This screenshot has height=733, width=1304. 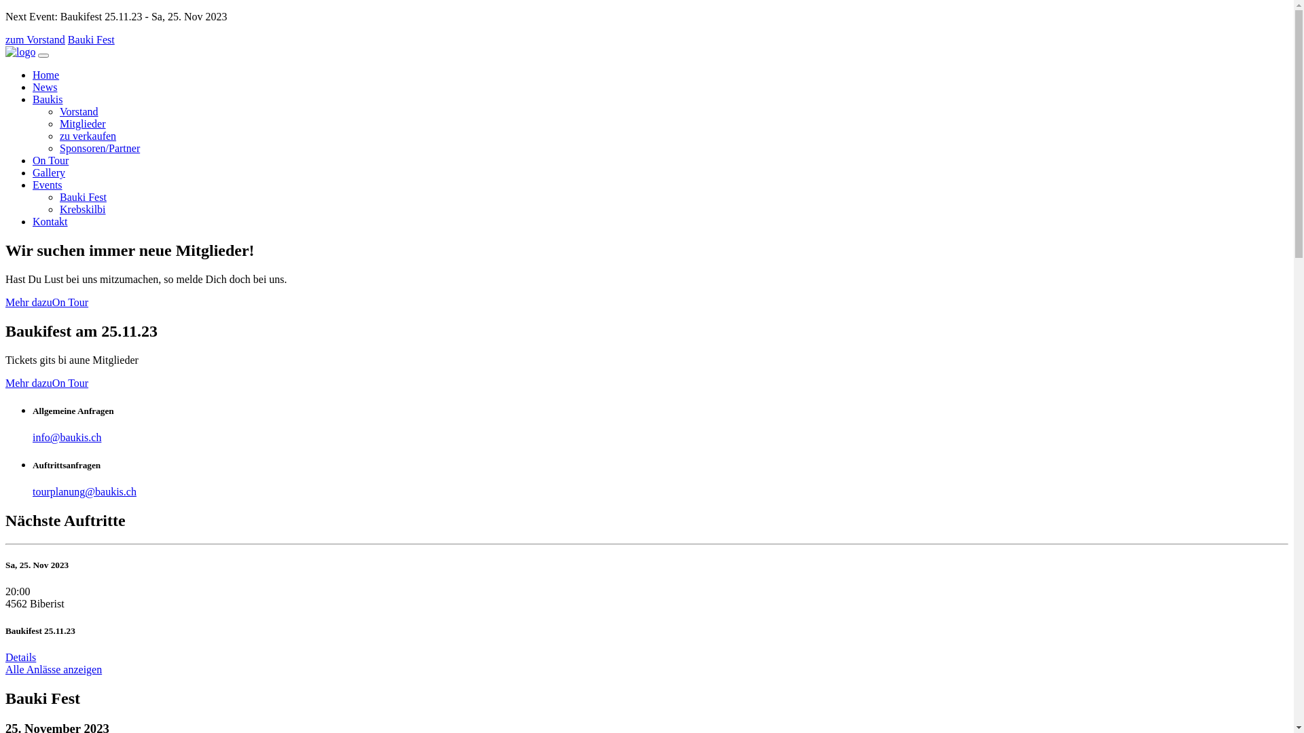 I want to click on 'Baukis', so click(x=33, y=98).